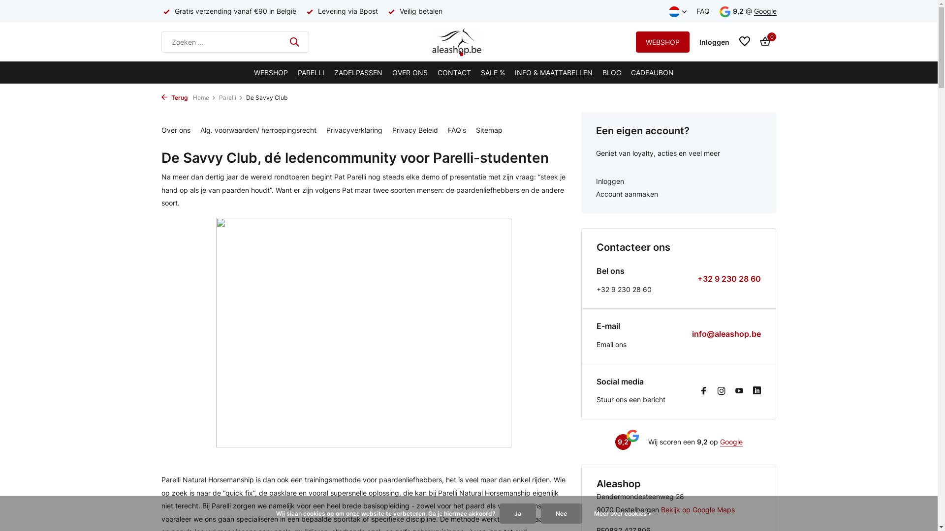  What do you see at coordinates (697, 509) in the screenshot?
I see `'Bekijk op Google Maps'` at bounding box center [697, 509].